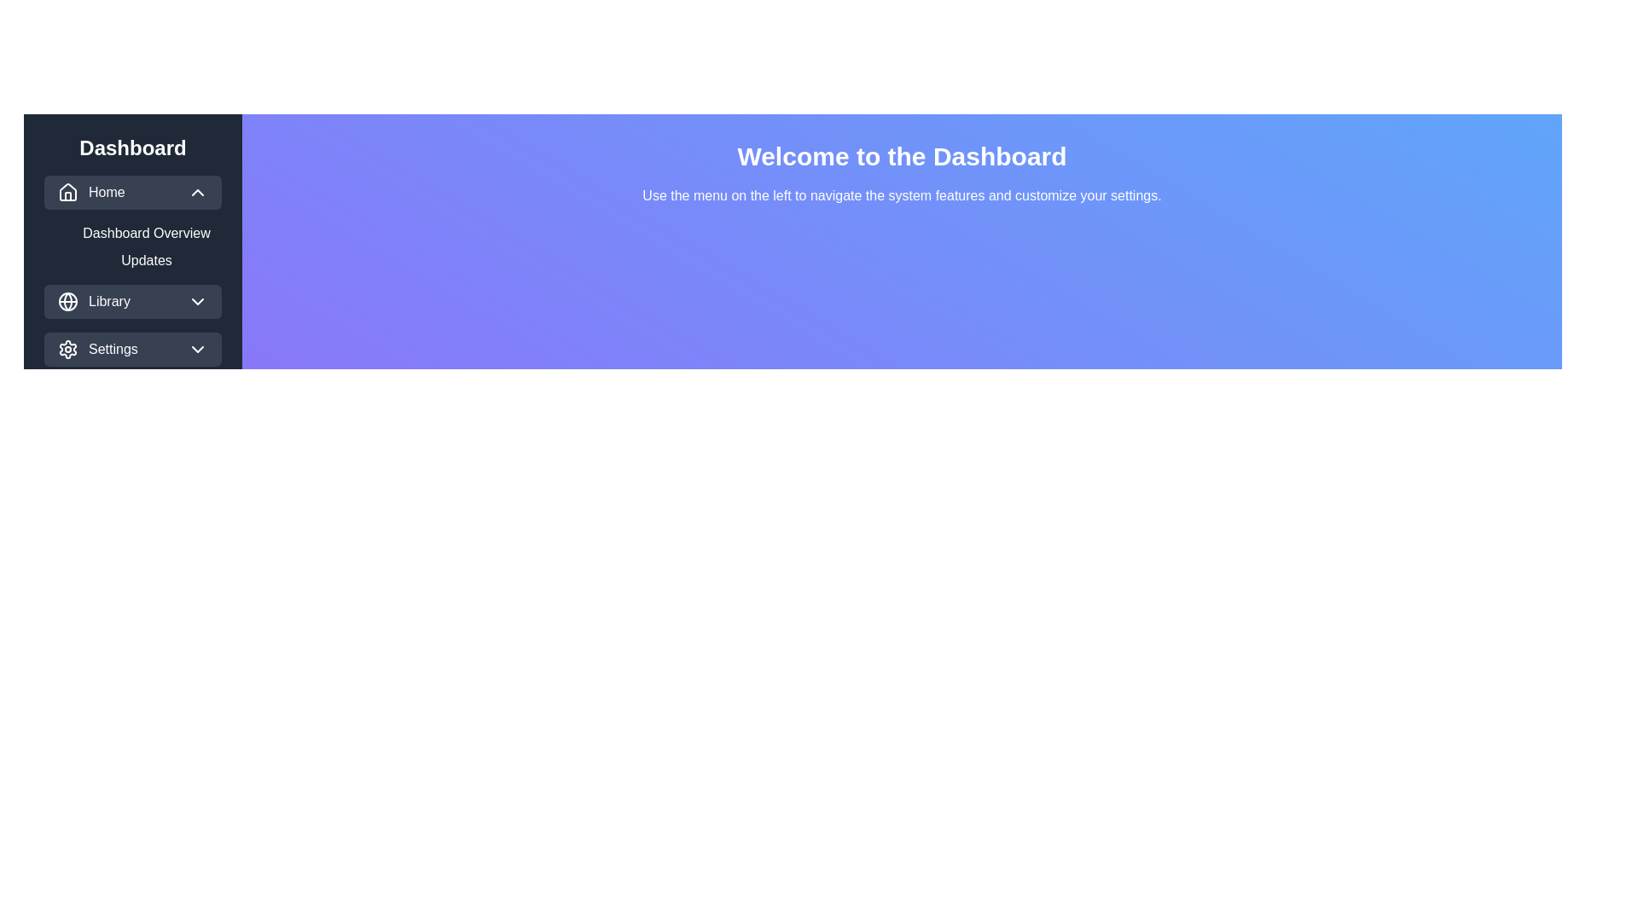 Image resolution: width=1638 pixels, height=921 pixels. What do you see at coordinates (197, 301) in the screenshot?
I see `the downward chevron icon next to the 'Library' menu item in the sidebar navigation panel` at bounding box center [197, 301].